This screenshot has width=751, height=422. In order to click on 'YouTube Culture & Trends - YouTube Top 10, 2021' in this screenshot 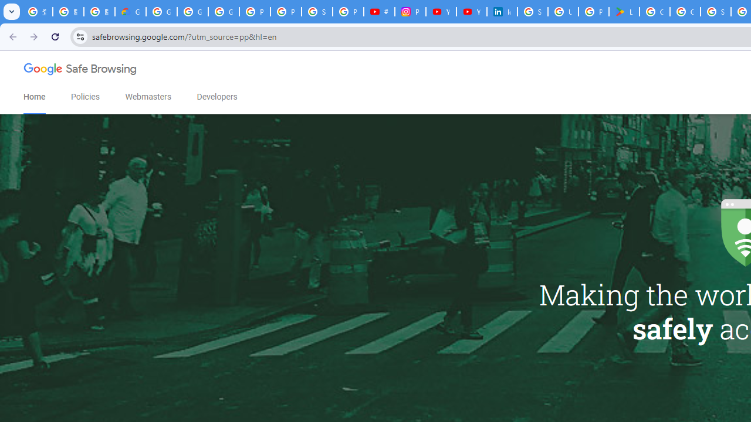, I will do `click(471, 12)`.